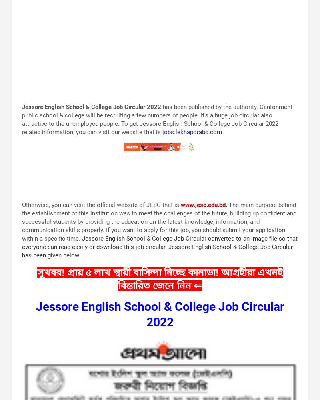 The image size is (320, 400). What do you see at coordinates (144, 238) in the screenshot?
I see `'Jessore English School & College Job Circular'` at bounding box center [144, 238].